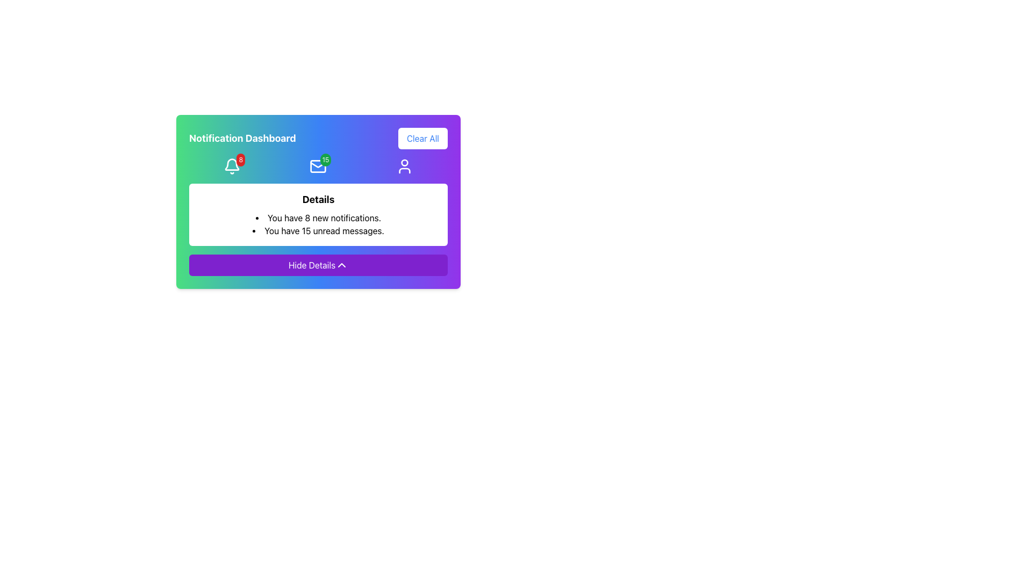 This screenshot has width=1032, height=580. I want to click on the static text element that reads 'You have 15 unread messages.', which is the second entry in the unordered list under the 'Details' section on the notification dashboard, so click(318, 230).